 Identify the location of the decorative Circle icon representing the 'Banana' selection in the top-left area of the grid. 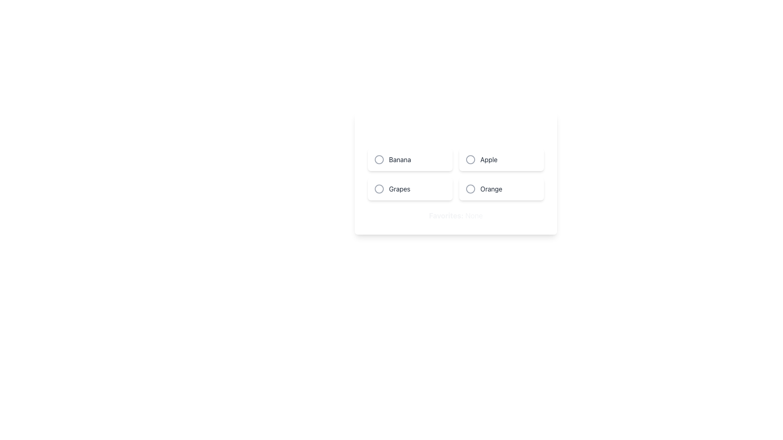
(379, 160).